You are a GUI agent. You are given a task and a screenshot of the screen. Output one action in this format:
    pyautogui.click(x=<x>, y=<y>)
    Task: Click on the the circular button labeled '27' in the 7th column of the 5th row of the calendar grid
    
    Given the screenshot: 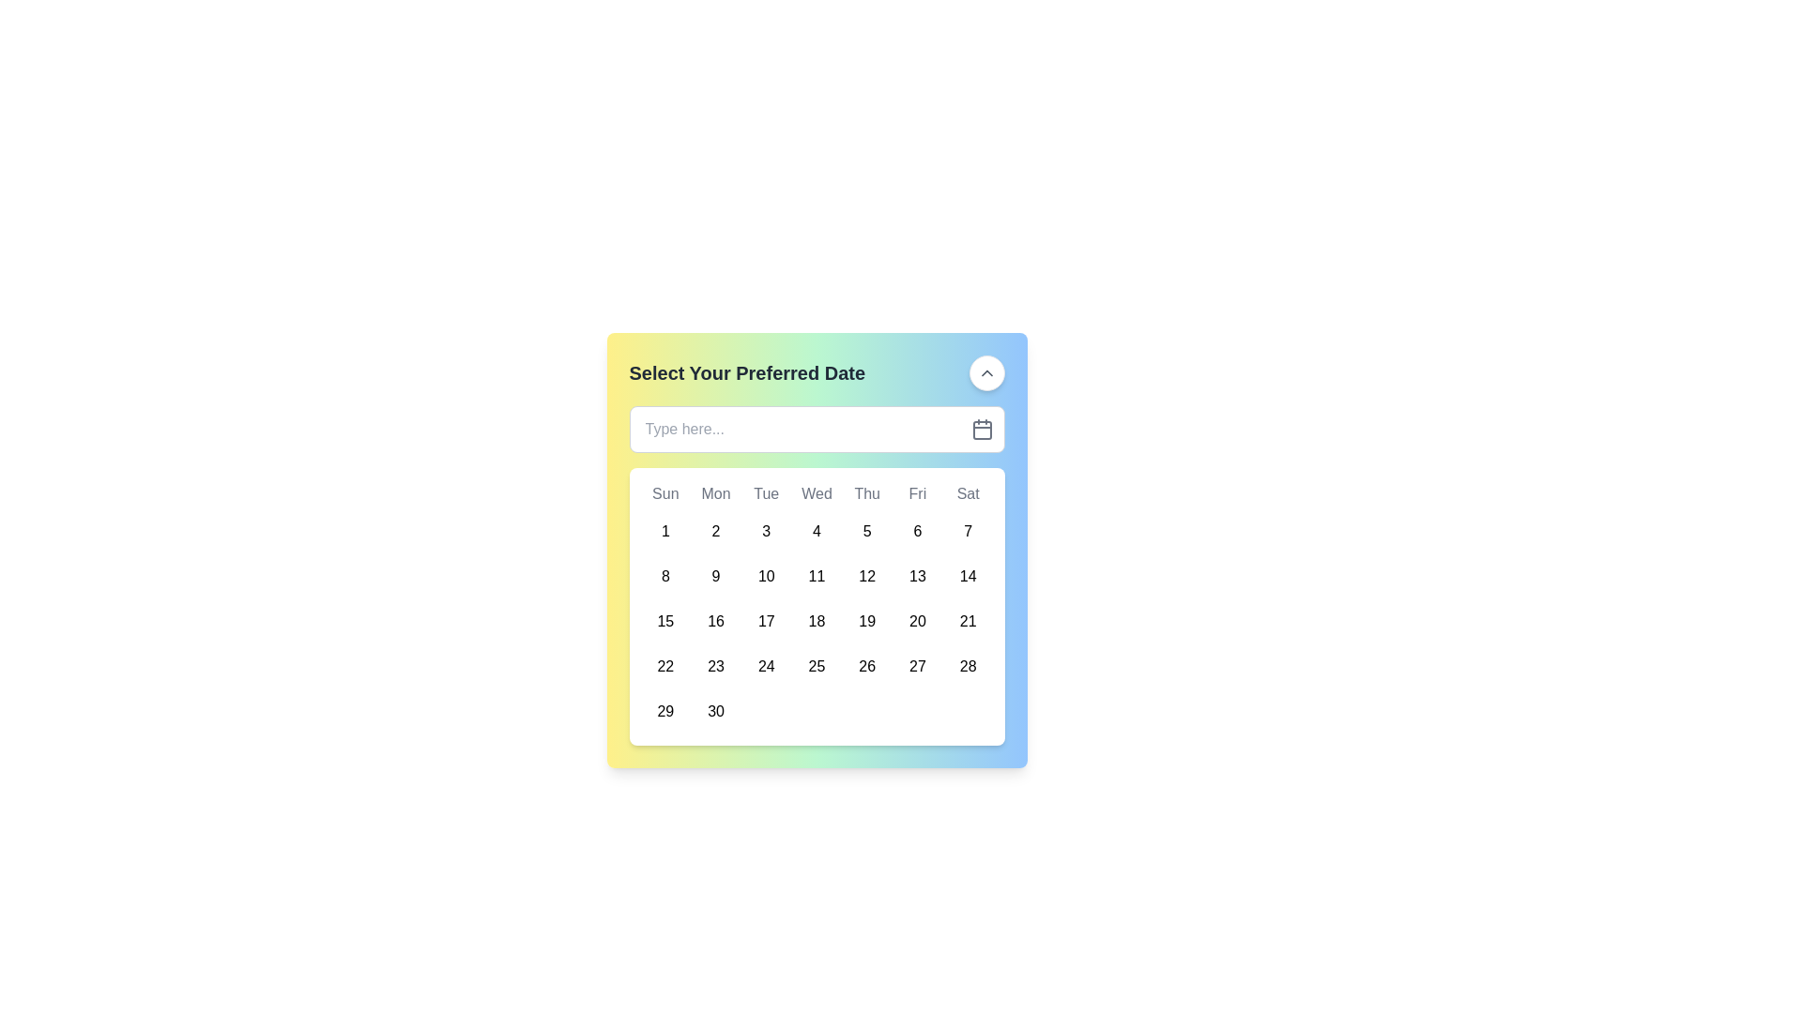 What is the action you would take?
    pyautogui.click(x=917, y=665)
    